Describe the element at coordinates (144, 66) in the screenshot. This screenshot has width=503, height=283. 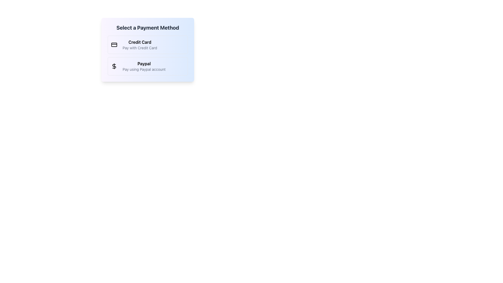
I see `the informative label for the Paypal payment option, which is located in the second item of the payment method selection card, below the 'Credit Card' option` at that location.